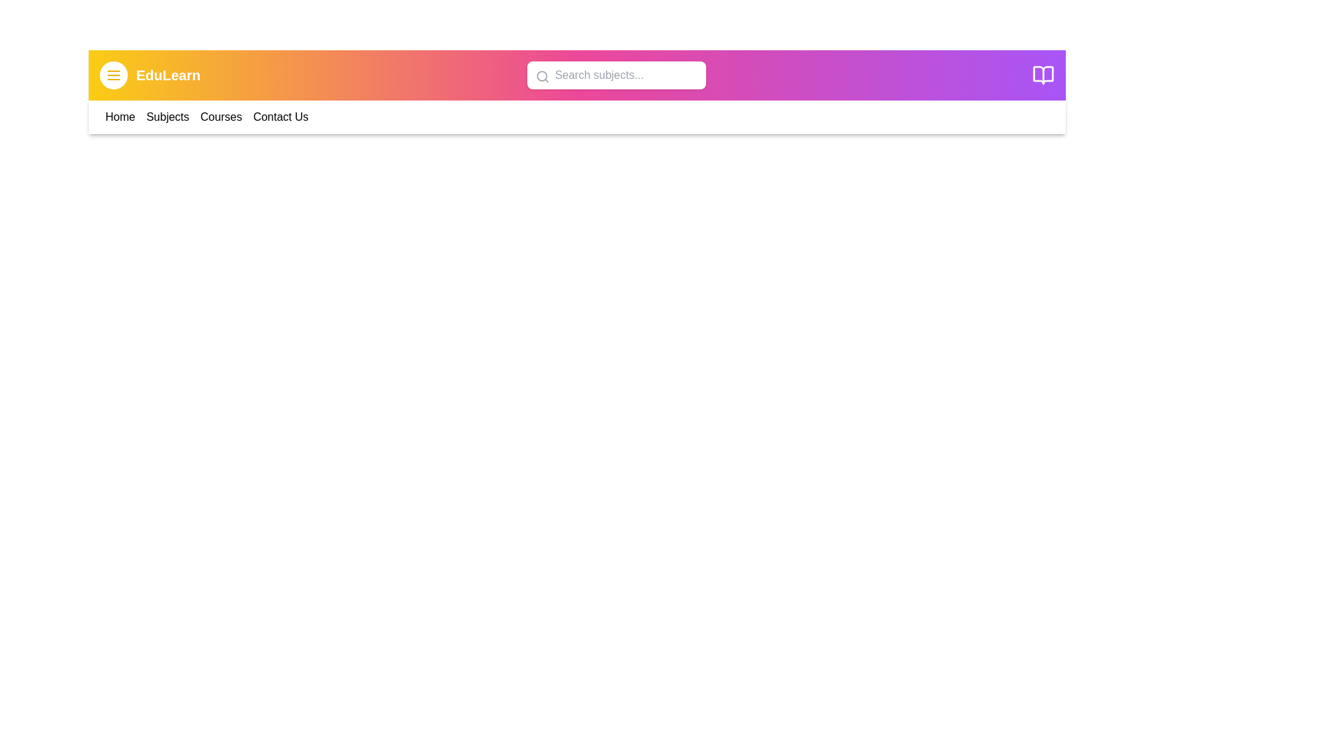  Describe the element at coordinates (1043, 75) in the screenshot. I see `the book icon to access additional educational resources` at that location.